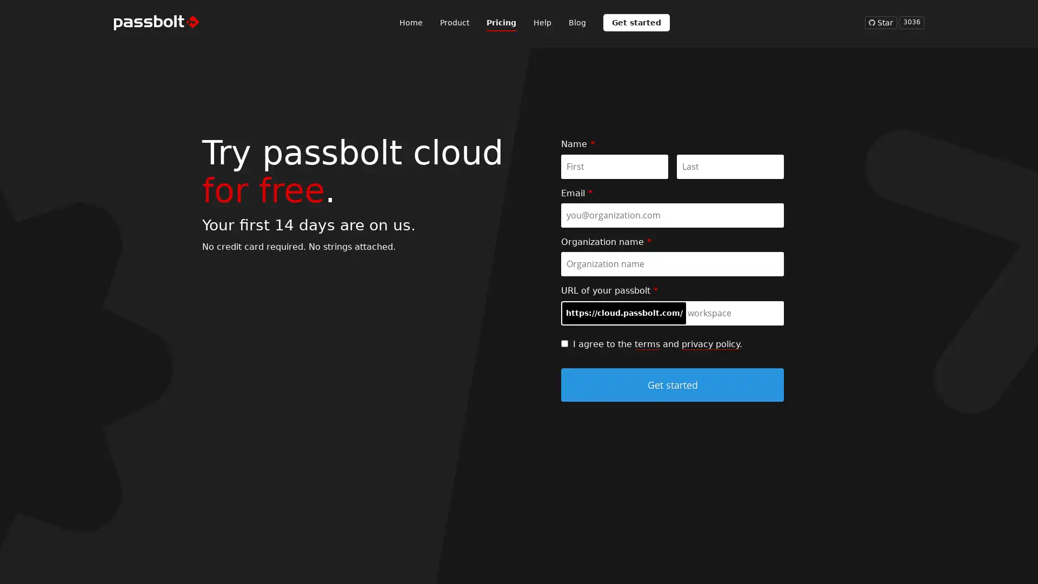 The width and height of the screenshot is (1038, 584). What do you see at coordinates (636, 22) in the screenshot?
I see `Get started` at bounding box center [636, 22].